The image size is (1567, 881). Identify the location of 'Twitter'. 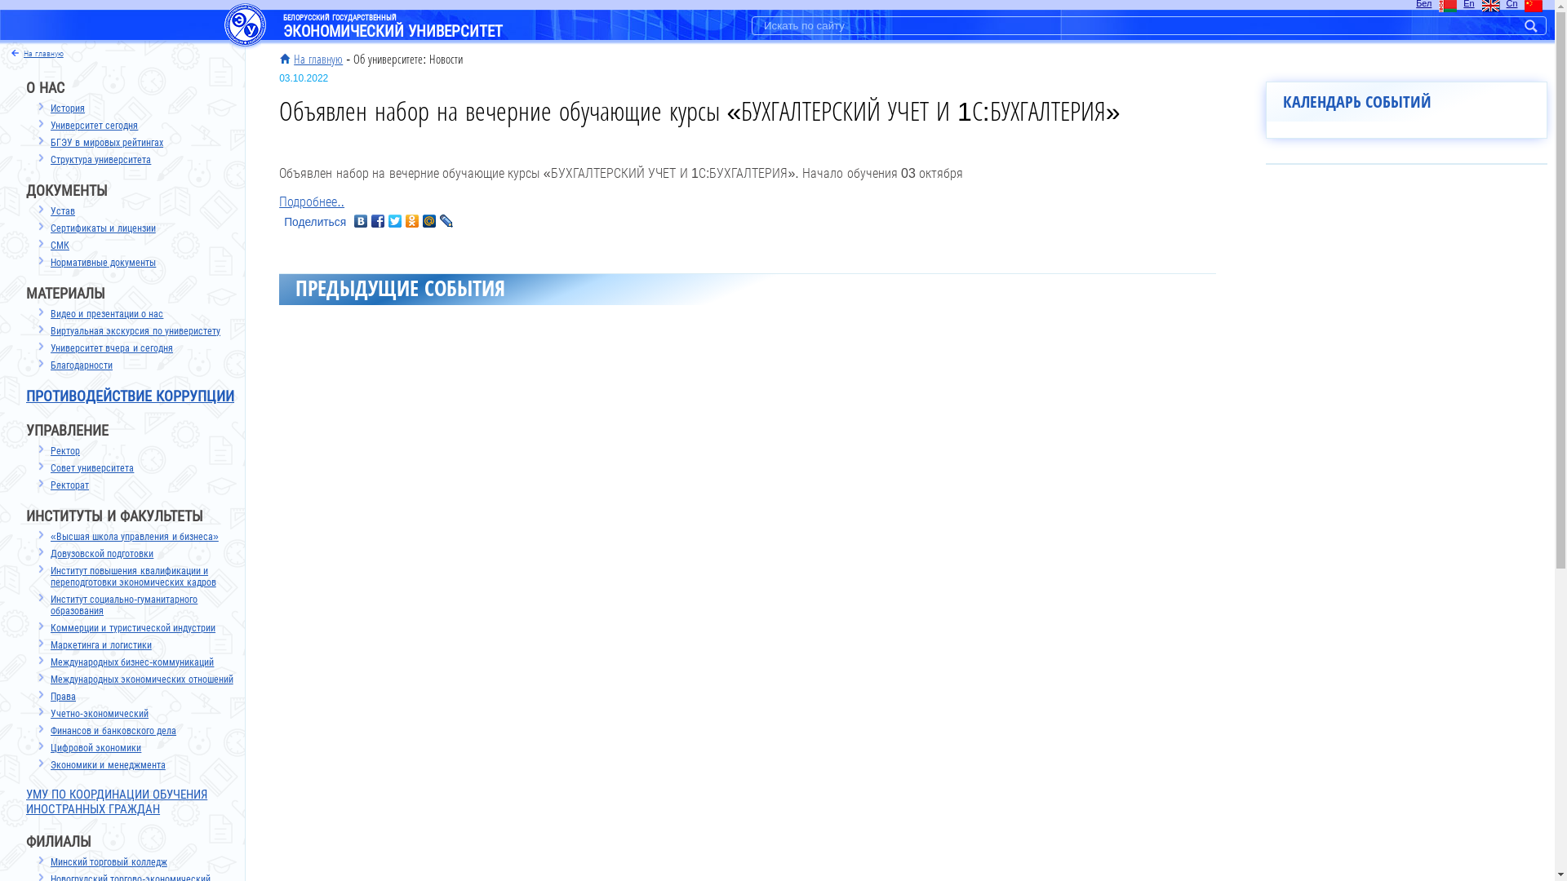
(395, 220).